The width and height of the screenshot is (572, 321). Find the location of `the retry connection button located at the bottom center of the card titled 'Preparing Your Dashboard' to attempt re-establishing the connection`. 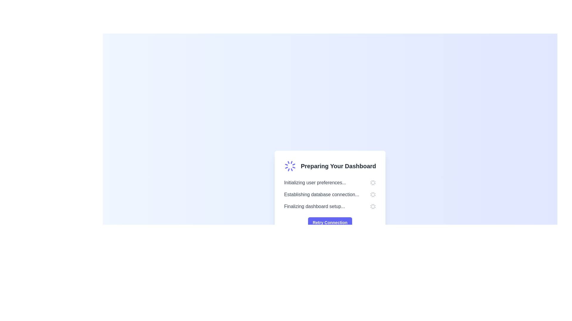

the retry connection button located at the bottom center of the card titled 'Preparing Your Dashboard' to attempt re-establishing the connection is located at coordinates (330, 222).